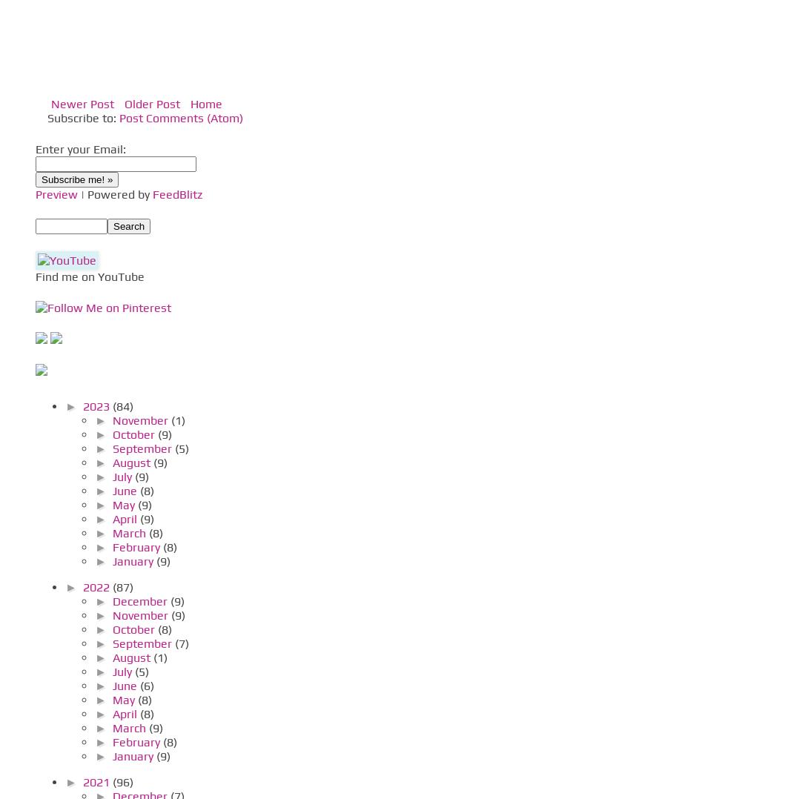  I want to click on 'Pinterest', so click(57, 288).